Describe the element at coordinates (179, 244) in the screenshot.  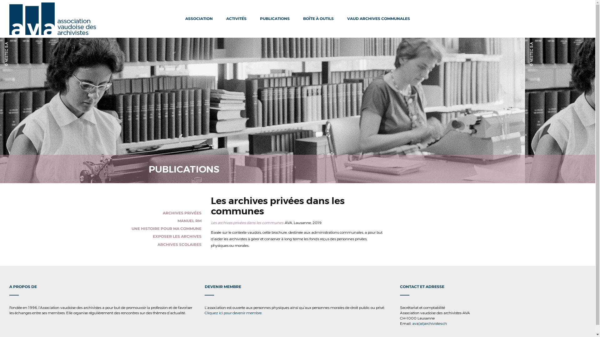
I see `'ARCHIVES SCOLAIRES'` at that location.